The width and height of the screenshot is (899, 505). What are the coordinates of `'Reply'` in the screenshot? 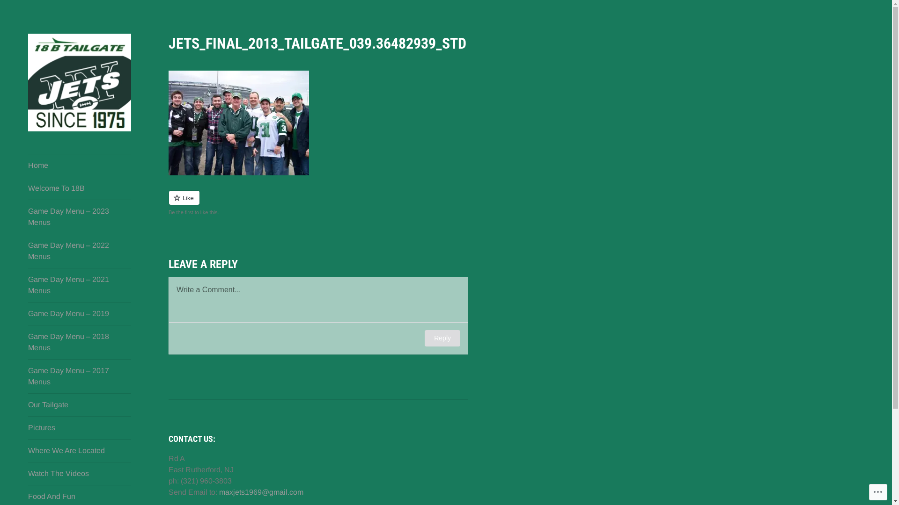 It's located at (424, 338).